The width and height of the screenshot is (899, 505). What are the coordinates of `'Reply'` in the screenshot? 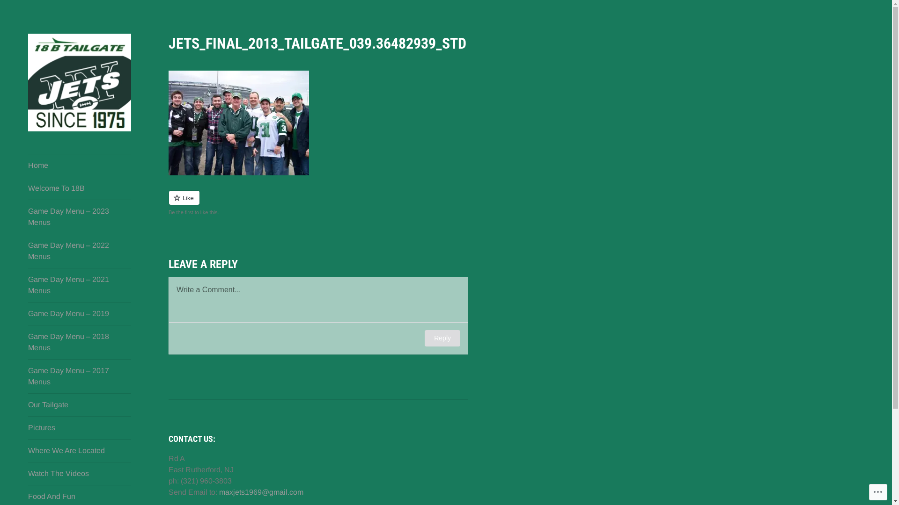 It's located at (424, 338).